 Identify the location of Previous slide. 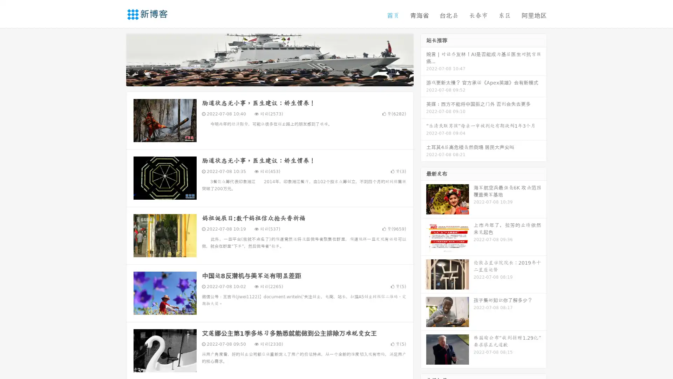
(116, 59).